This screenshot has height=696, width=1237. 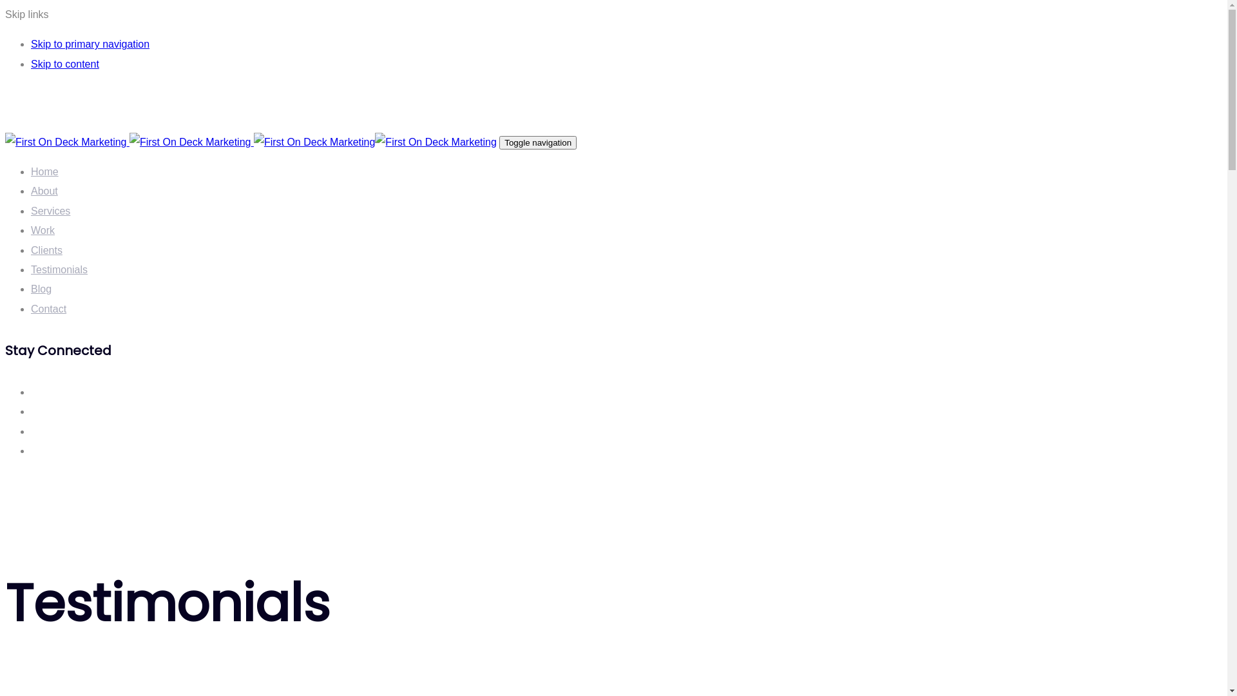 What do you see at coordinates (58, 269) in the screenshot?
I see `'Testimonials'` at bounding box center [58, 269].